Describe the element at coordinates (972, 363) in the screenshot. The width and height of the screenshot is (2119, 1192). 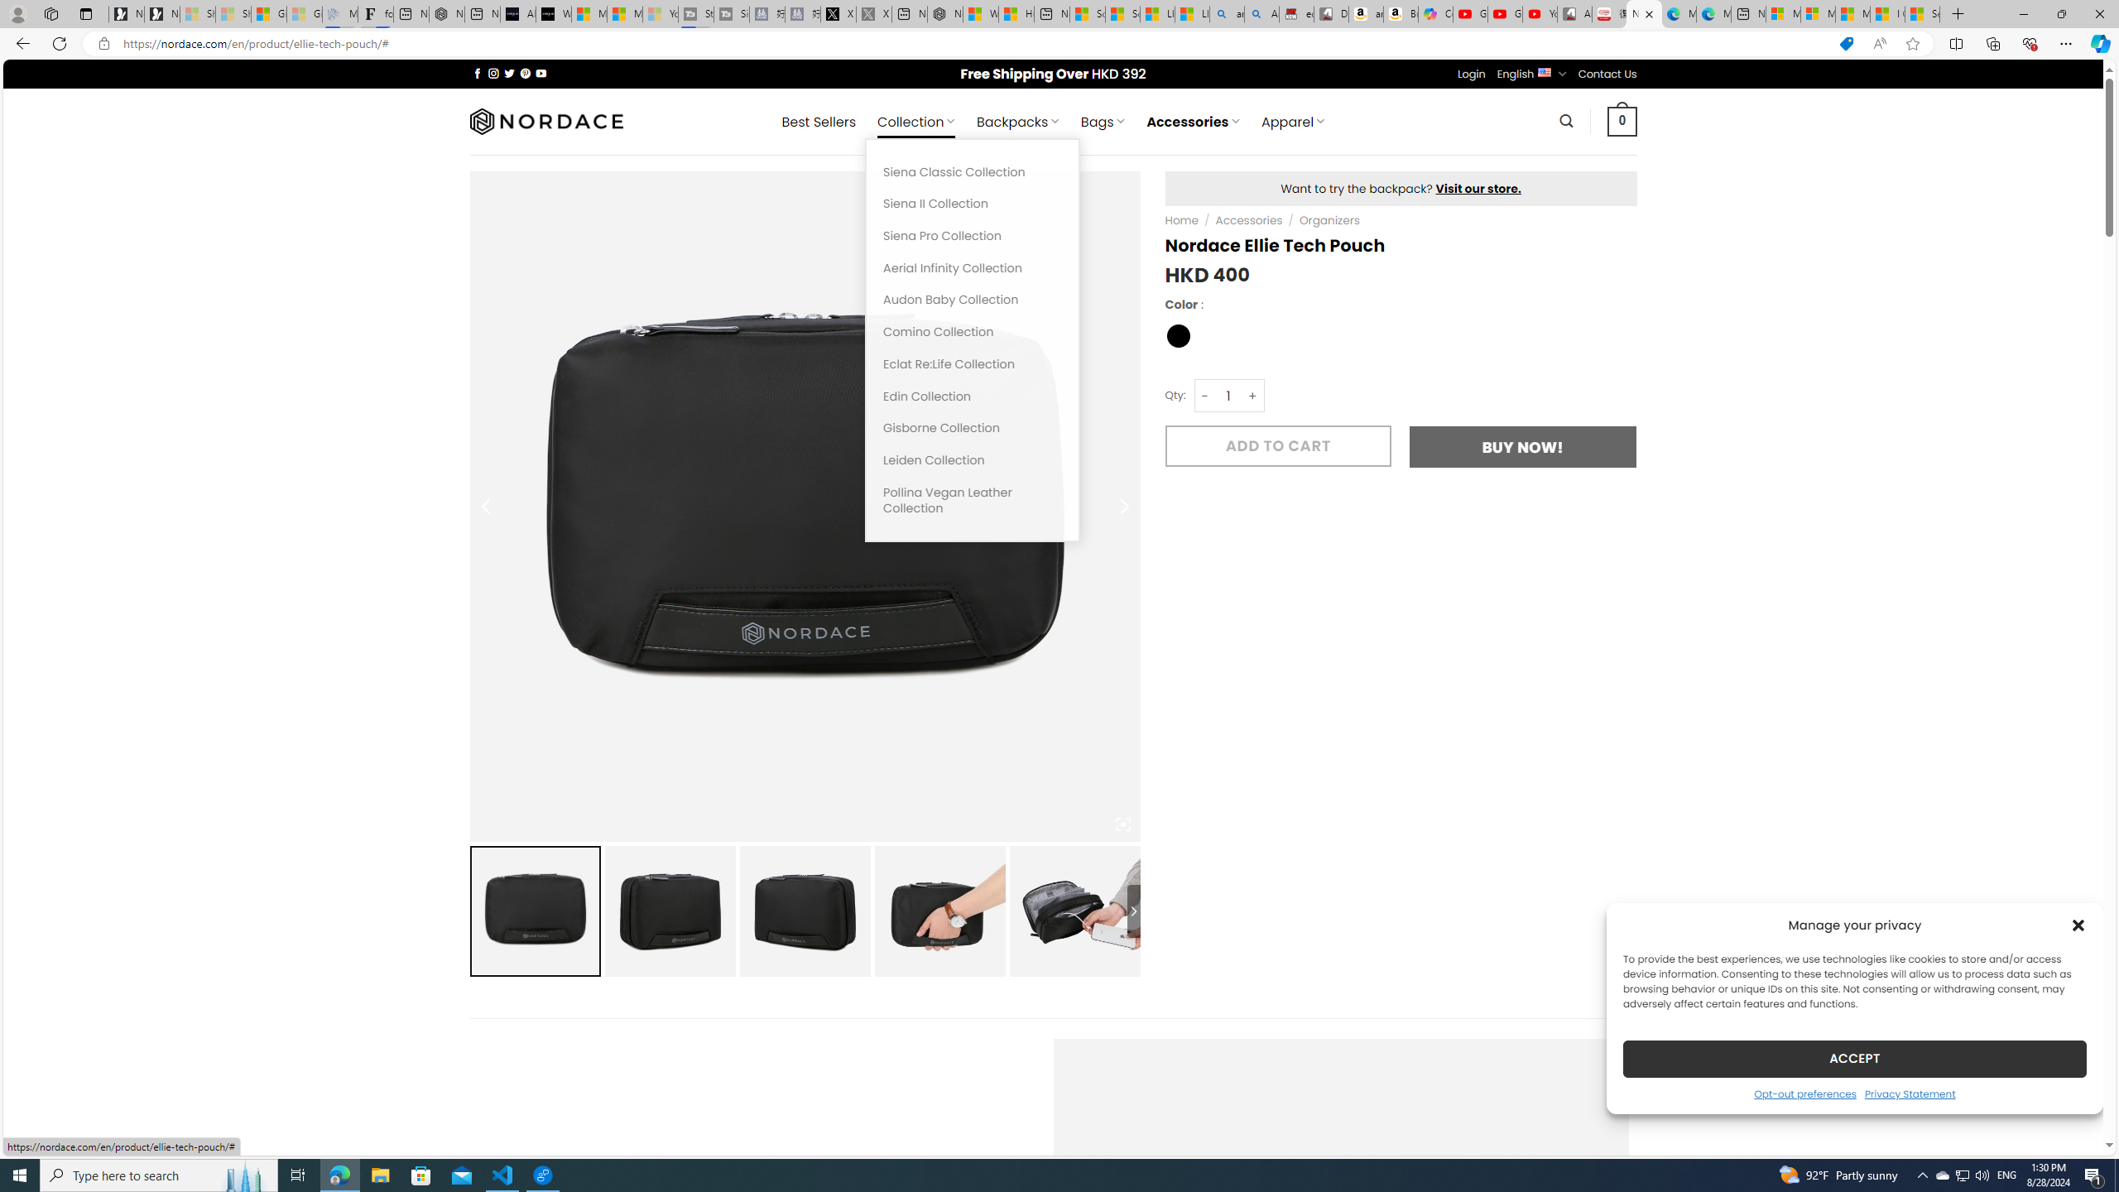
I see `'Eclat Re:Life Collection'` at that location.